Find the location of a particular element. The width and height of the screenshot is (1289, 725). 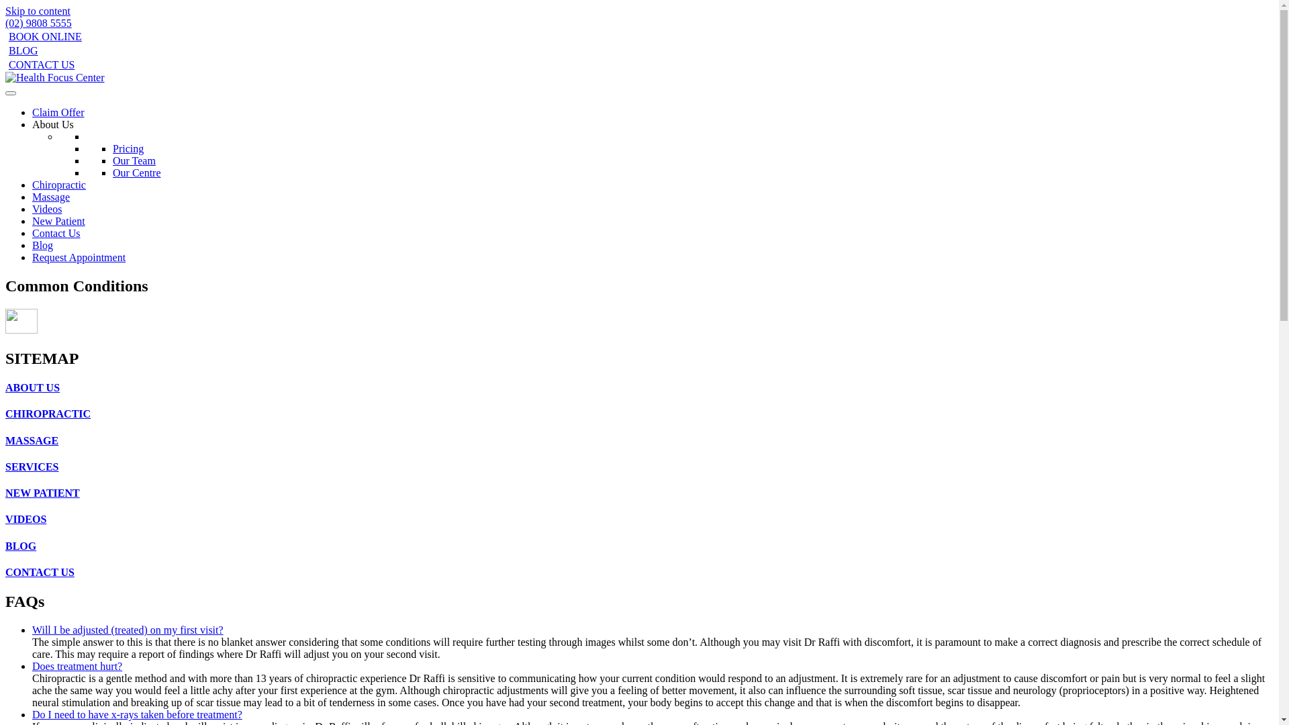

'Claim Offer' is located at coordinates (57, 111).